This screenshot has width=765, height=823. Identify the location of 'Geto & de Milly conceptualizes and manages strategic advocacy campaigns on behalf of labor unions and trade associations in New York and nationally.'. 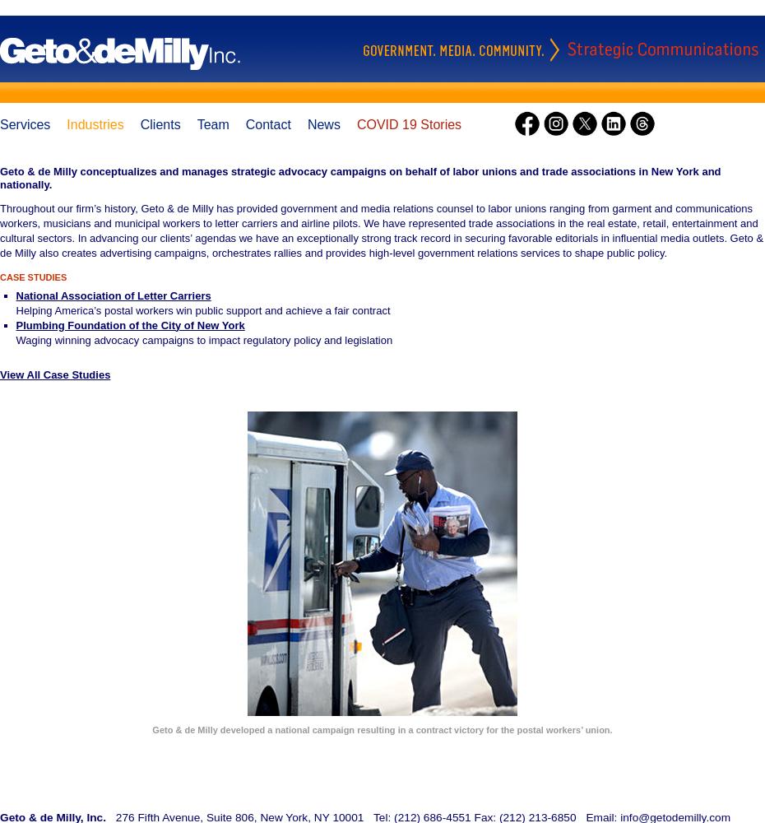
(0, 177).